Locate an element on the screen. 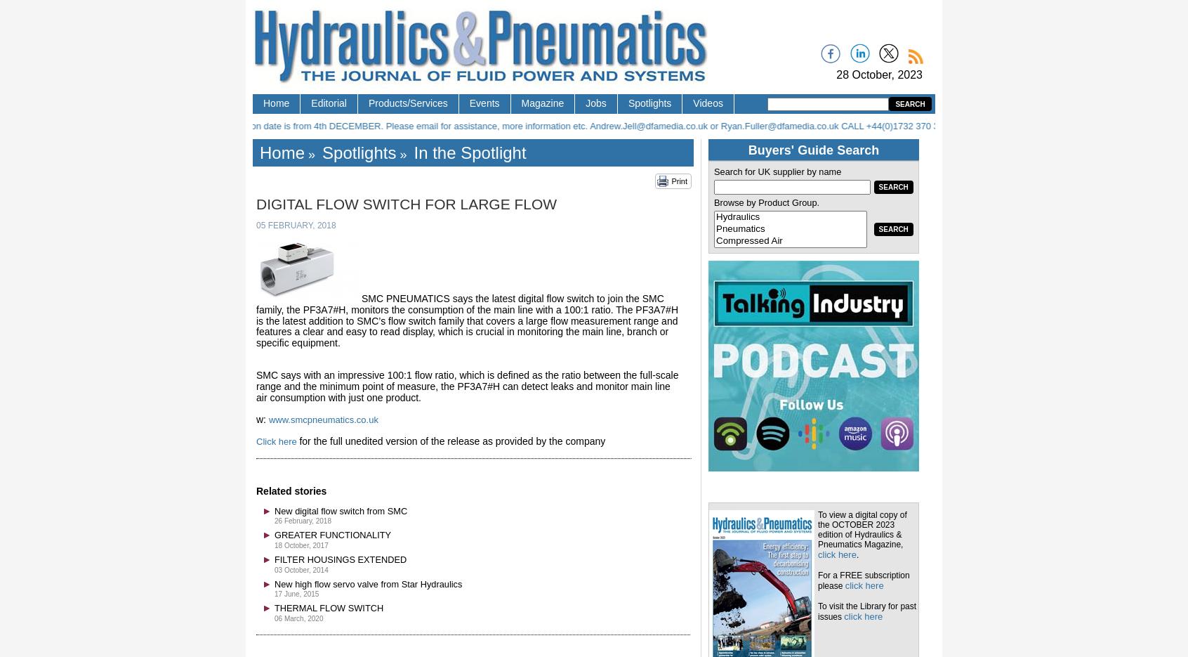 This screenshot has height=657, width=1188. 'SMC PNEUMATICS says the latest digital flow switch to join the SMC family, the PF3A7#H, monitors the consumption of the main line with a 100:1 ratio. The PF3A7#H is the latest addition to SMC’s flow switch family that covers a large flow measurement range and features a clear and easy to read display, which is crucial in monitoring the main line, branch or specific equipment.' is located at coordinates (467, 319).